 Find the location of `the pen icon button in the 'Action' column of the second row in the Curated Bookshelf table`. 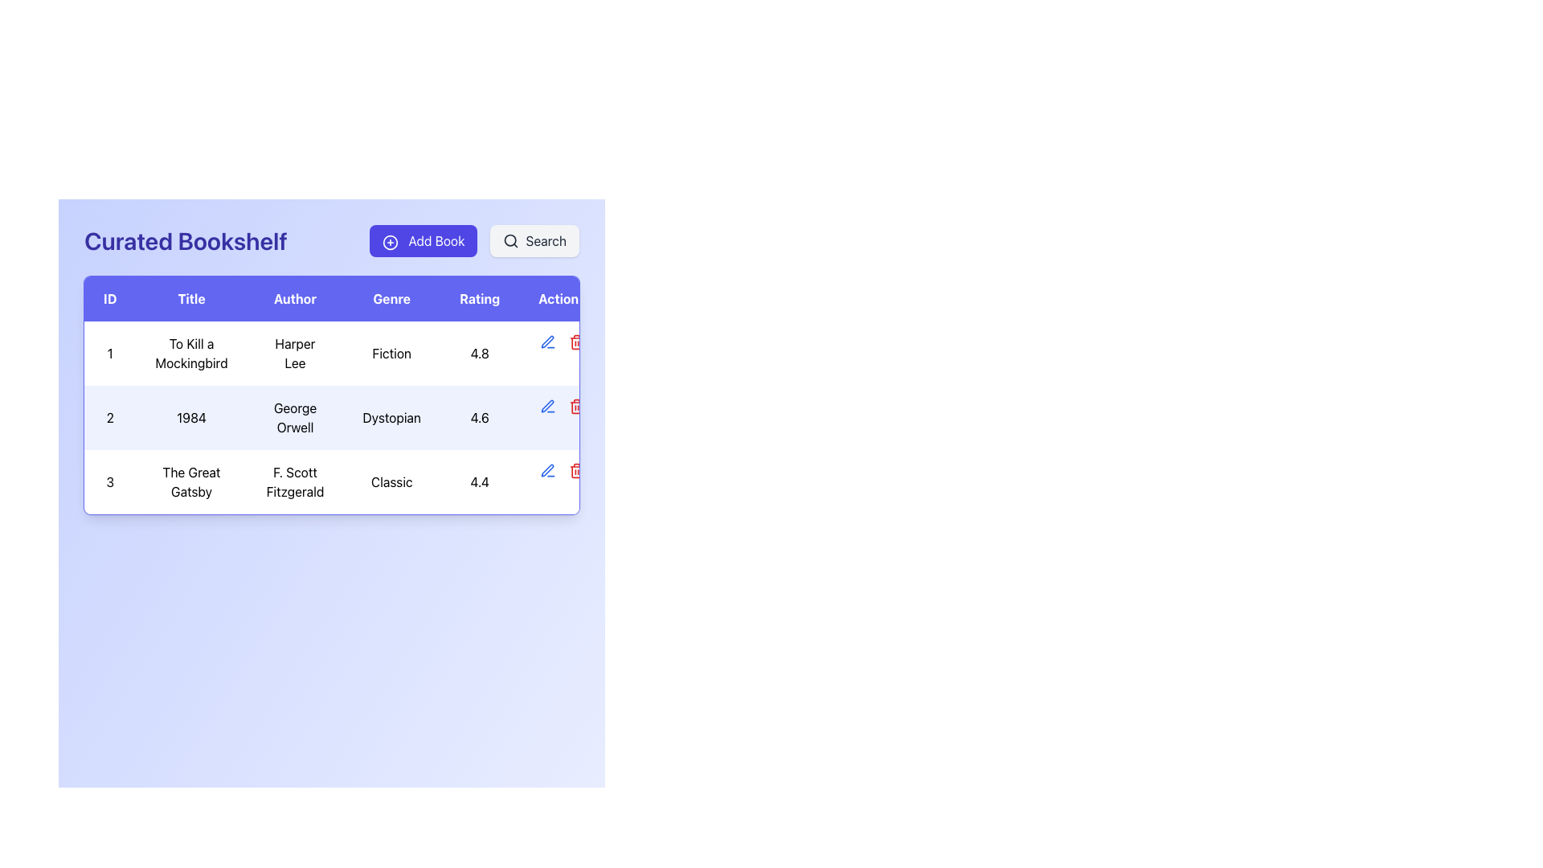

the pen icon button in the 'Action' column of the second row in the Curated Bookshelf table is located at coordinates (547, 341).